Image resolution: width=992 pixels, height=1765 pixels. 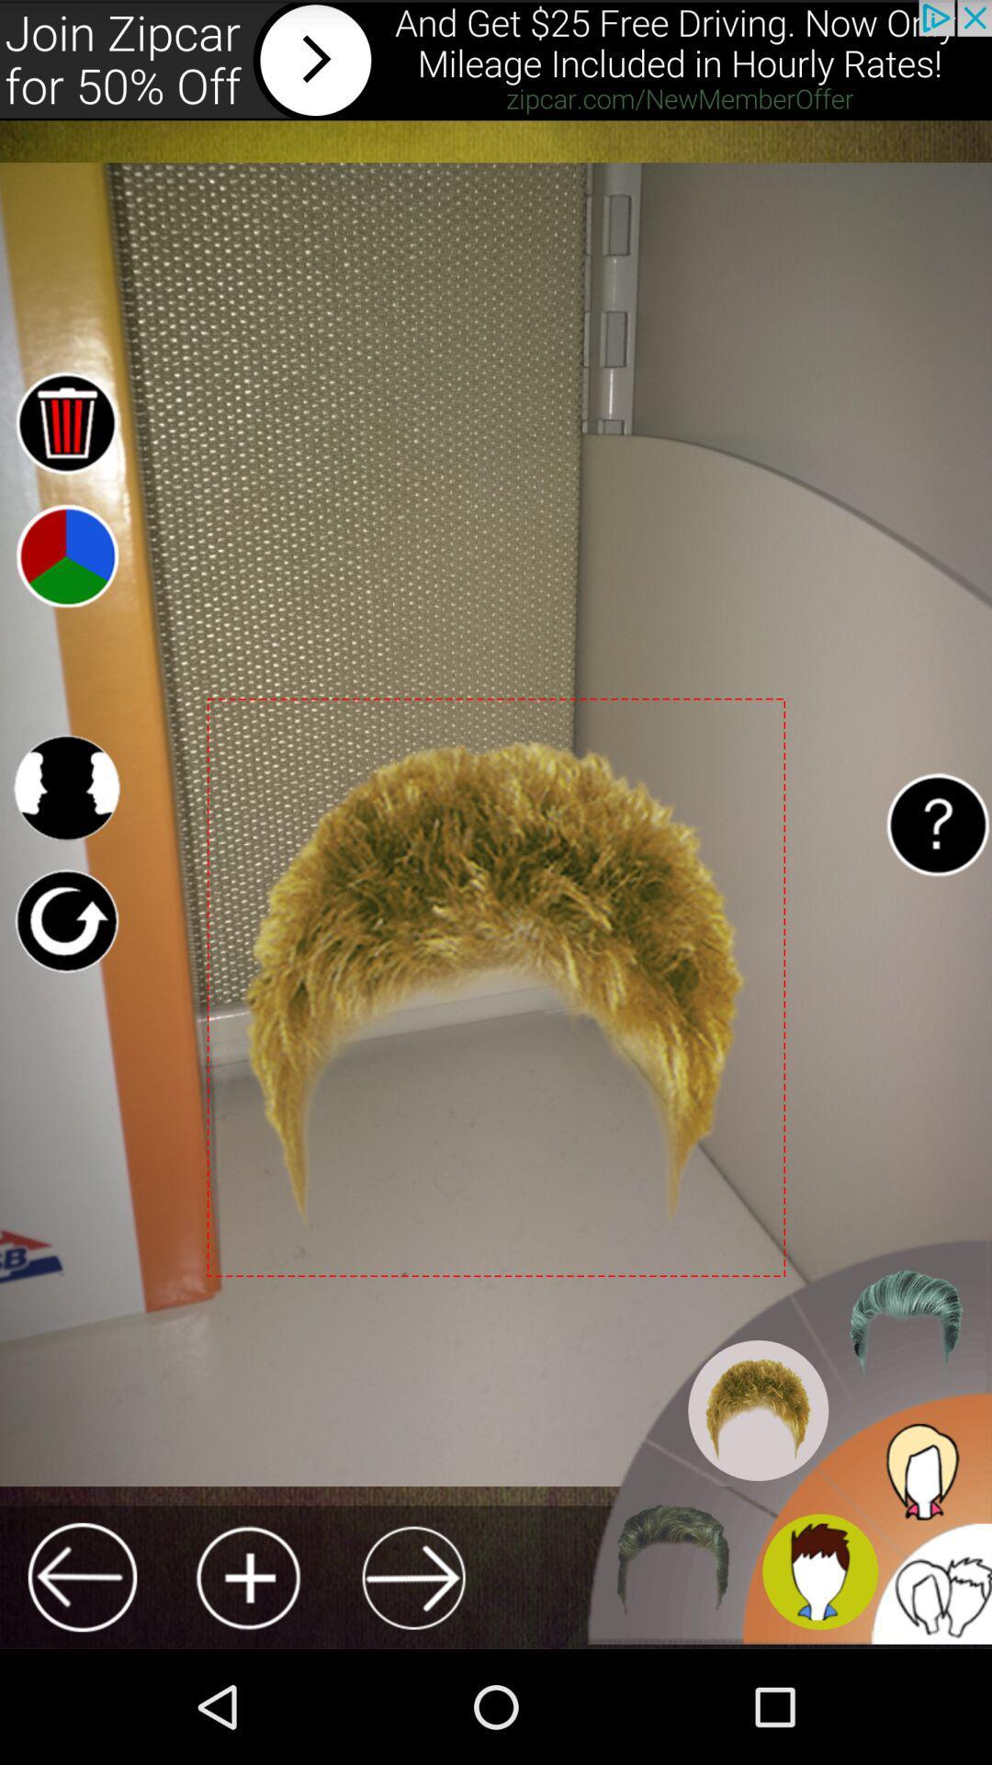 What do you see at coordinates (937, 824) in the screenshot?
I see `open help page` at bounding box center [937, 824].